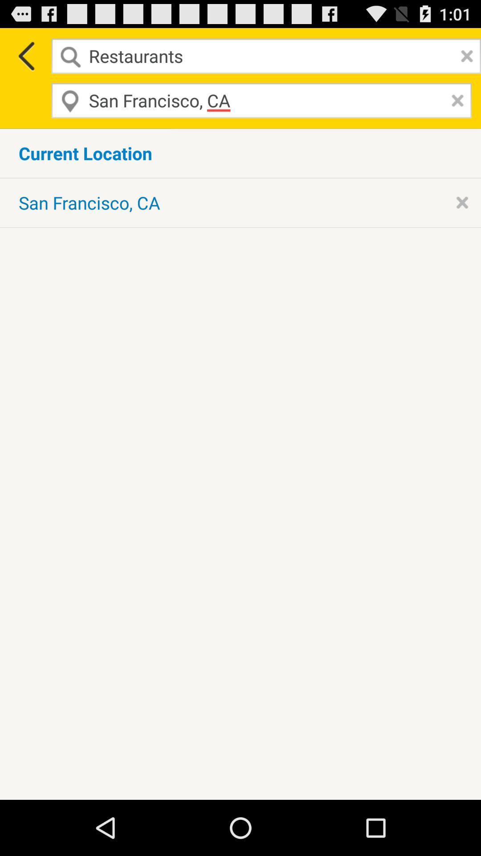 The image size is (481, 856). Describe the element at coordinates (464, 55) in the screenshot. I see `clear search field` at that location.